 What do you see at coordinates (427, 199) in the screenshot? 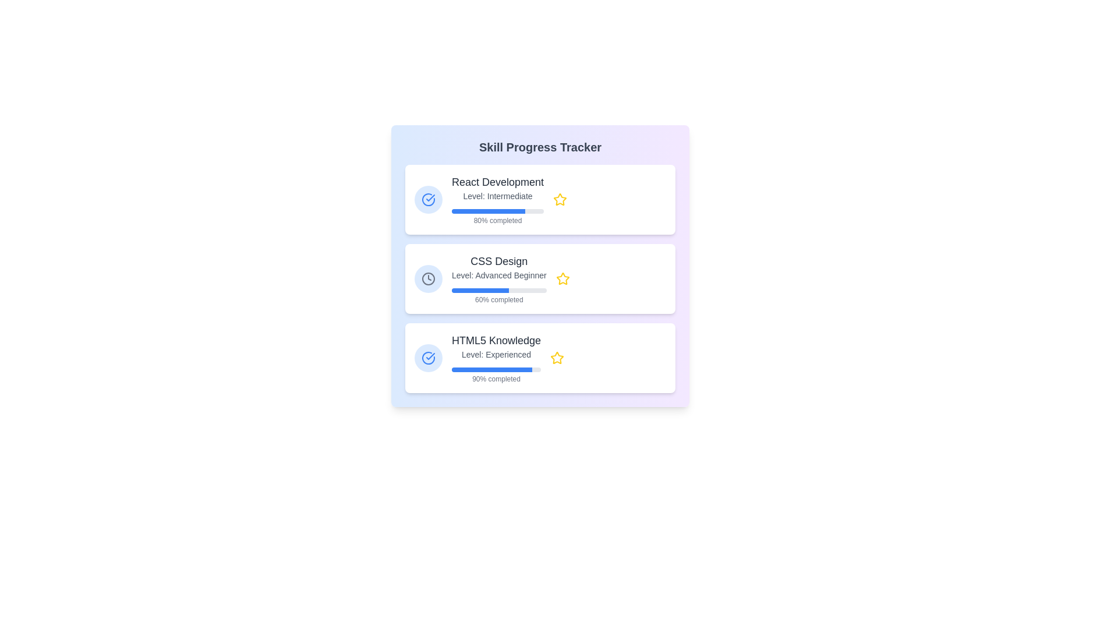
I see `the status indicator icon located to the left of the 'React Development' text label in the first item of the vertical list` at bounding box center [427, 199].